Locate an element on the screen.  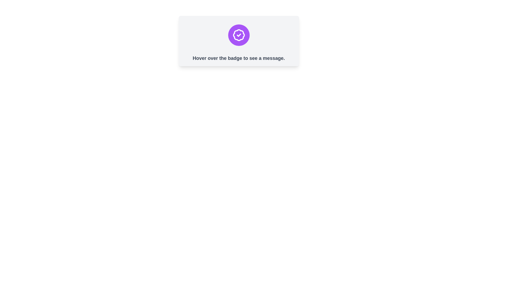
the badge check icon, which is located at the center of a circular purple button on a card component is located at coordinates (238, 35).